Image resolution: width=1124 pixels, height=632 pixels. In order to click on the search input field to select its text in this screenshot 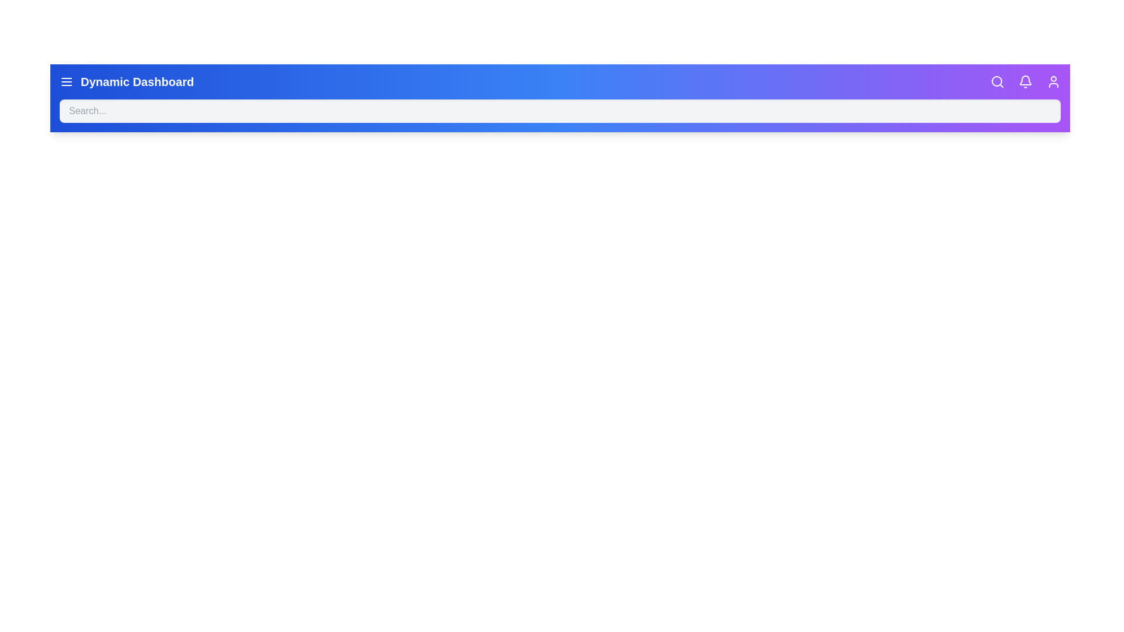, I will do `click(559, 111)`.